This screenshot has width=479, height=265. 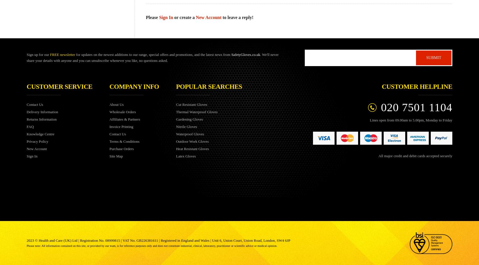 What do you see at coordinates (109, 86) in the screenshot?
I see `'Company info'` at bounding box center [109, 86].